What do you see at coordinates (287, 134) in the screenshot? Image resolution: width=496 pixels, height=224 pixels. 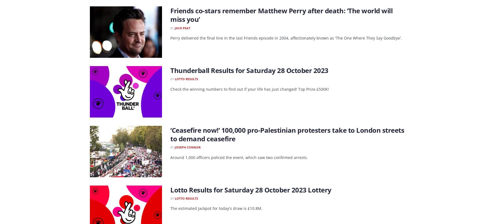 I see `'‘Ceasefire now!’ 100,000 pro-Palestinian protesters take to London streets to demand ceasefire'` at bounding box center [287, 134].